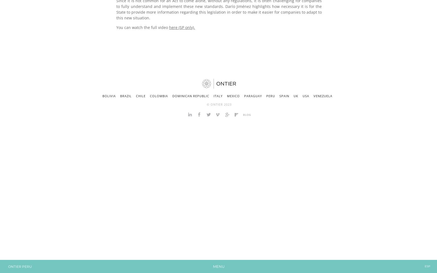 Image resolution: width=437 pixels, height=273 pixels. I want to click on 'USA', so click(303, 96).